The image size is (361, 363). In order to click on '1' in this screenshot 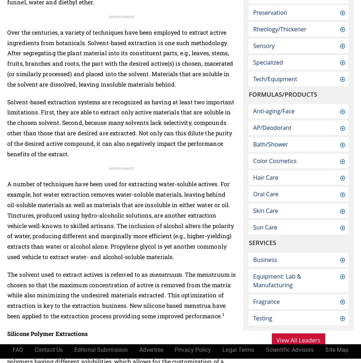, I will do `click(222, 313)`.